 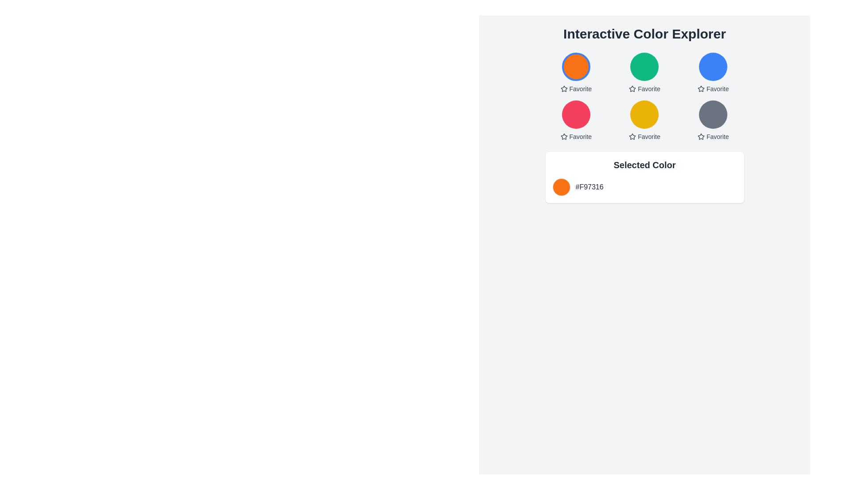 I want to click on the label and functional text component located in the second row, second column of the grid layout to favorite the associated color, so click(x=580, y=136).